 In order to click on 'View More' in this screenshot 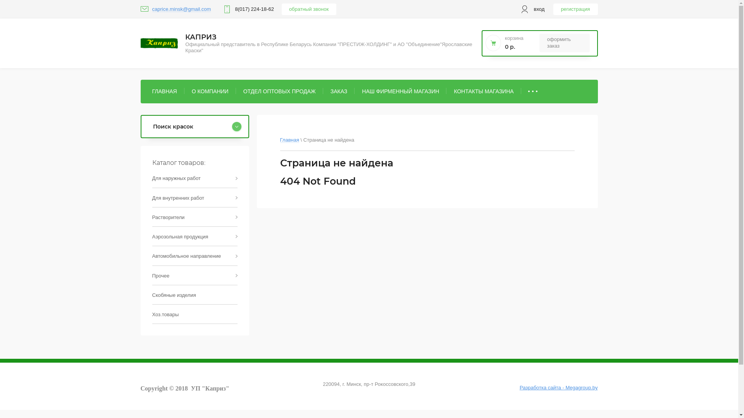, I will do `click(521, 91)`.